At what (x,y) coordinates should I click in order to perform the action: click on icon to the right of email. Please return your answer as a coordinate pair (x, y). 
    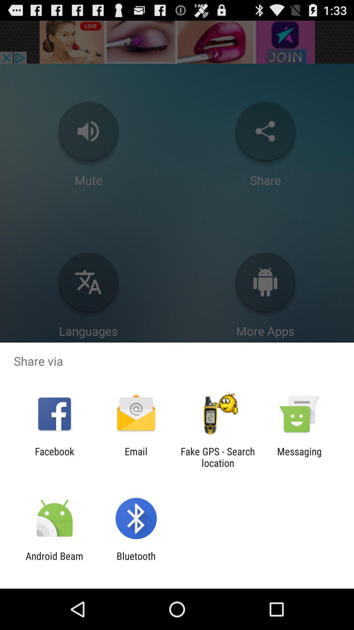
    Looking at the image, I should click on (218, 457).